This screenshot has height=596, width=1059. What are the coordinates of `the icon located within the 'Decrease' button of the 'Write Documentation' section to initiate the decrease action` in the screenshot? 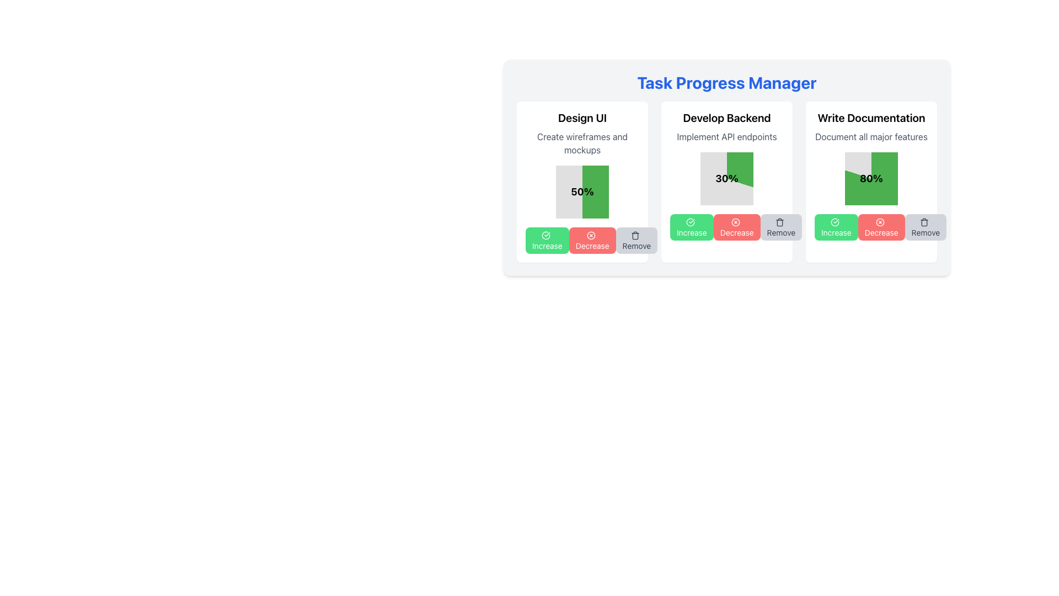 It's located at (880, 222).